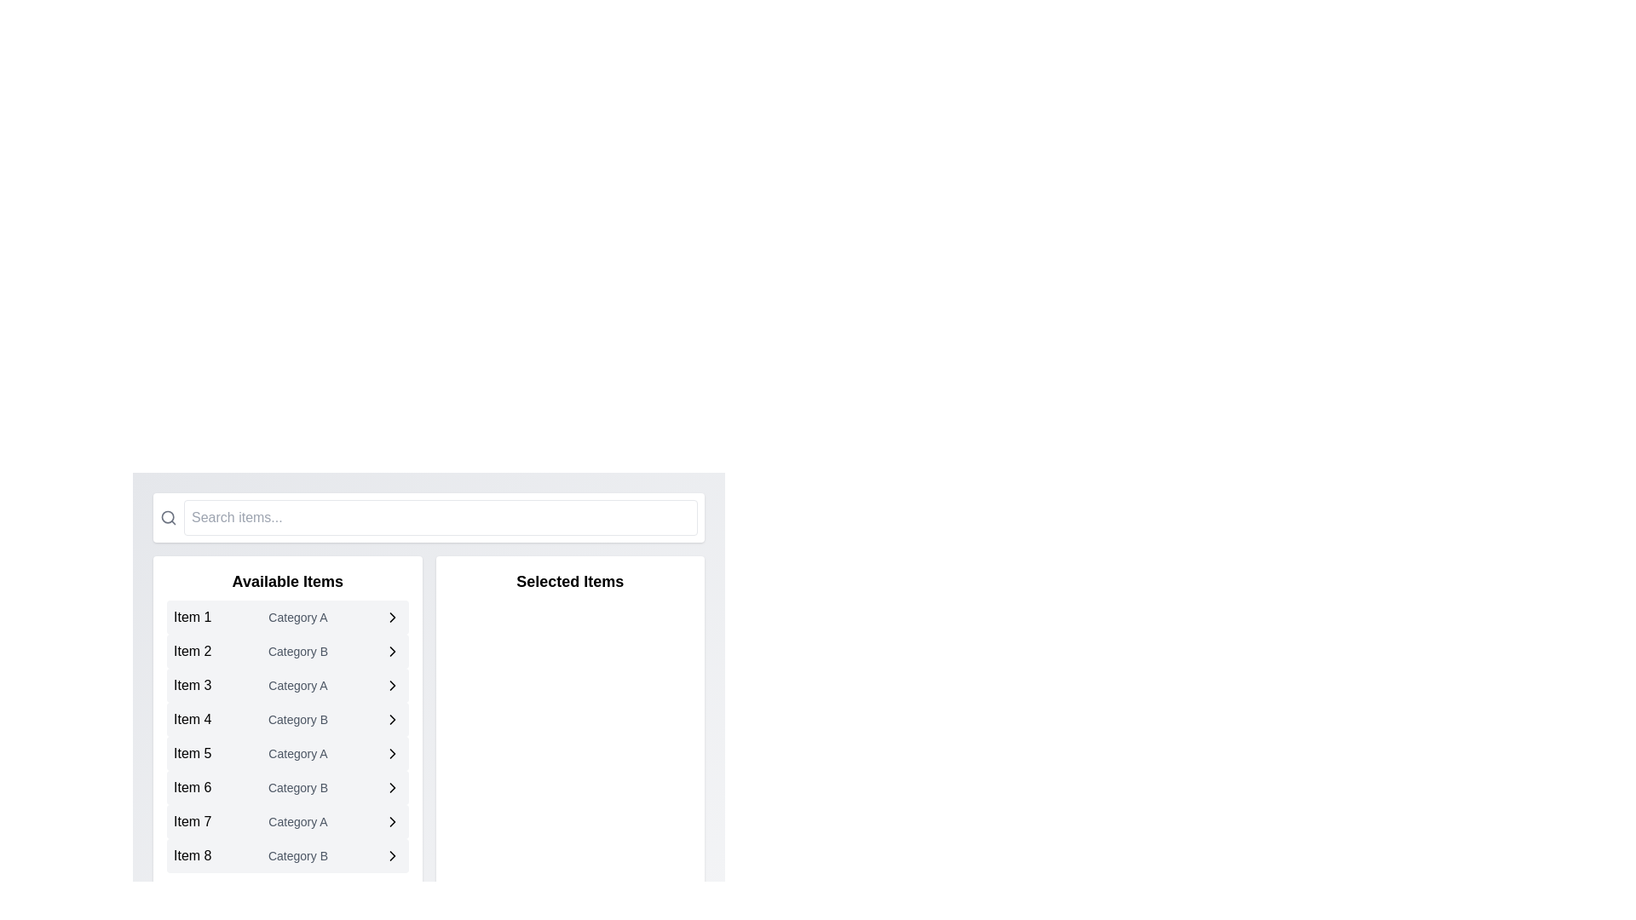  I want to click on the first list item labeled 'Item 1 Category A' under 'Available Items', so click(287, 618).